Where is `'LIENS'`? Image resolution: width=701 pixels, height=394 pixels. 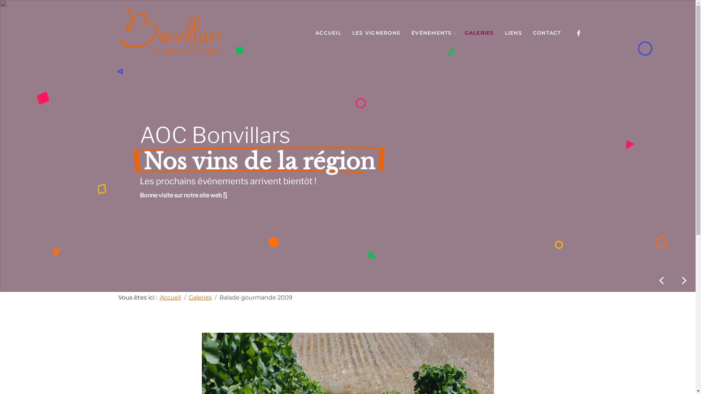 'LIENS' is located at coordinates (513, 32).